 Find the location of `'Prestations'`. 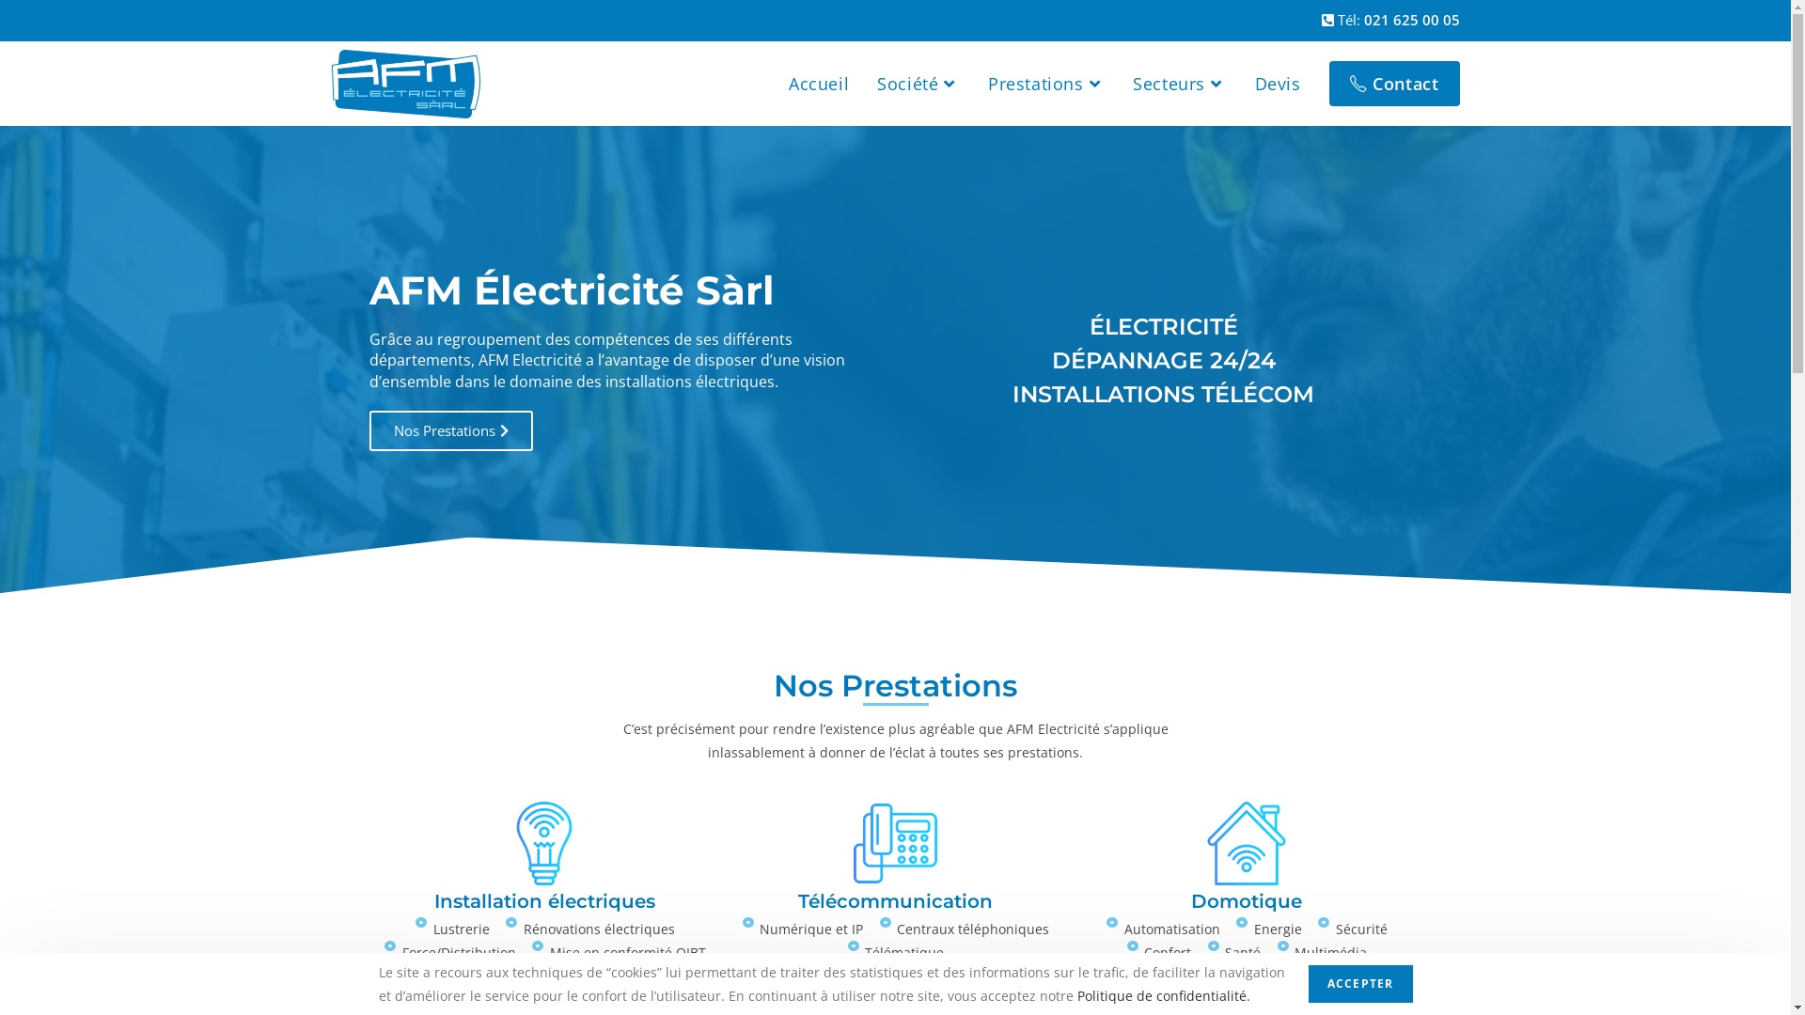

'Prestations' is located at coordinates (1045, 82).